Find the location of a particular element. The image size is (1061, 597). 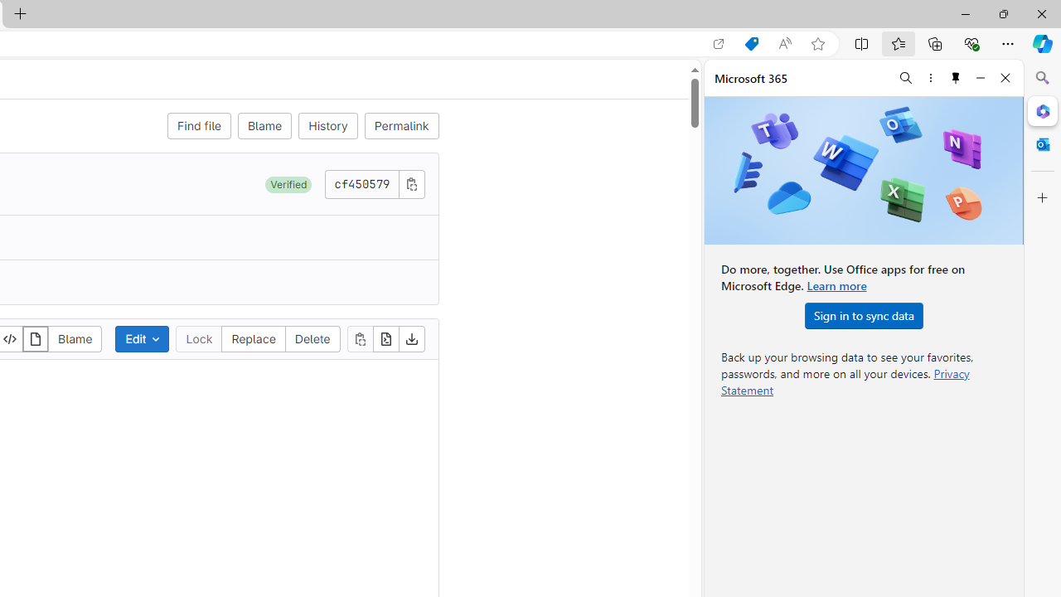

'Copy commit SHA' is located at coordinates (411, 183).